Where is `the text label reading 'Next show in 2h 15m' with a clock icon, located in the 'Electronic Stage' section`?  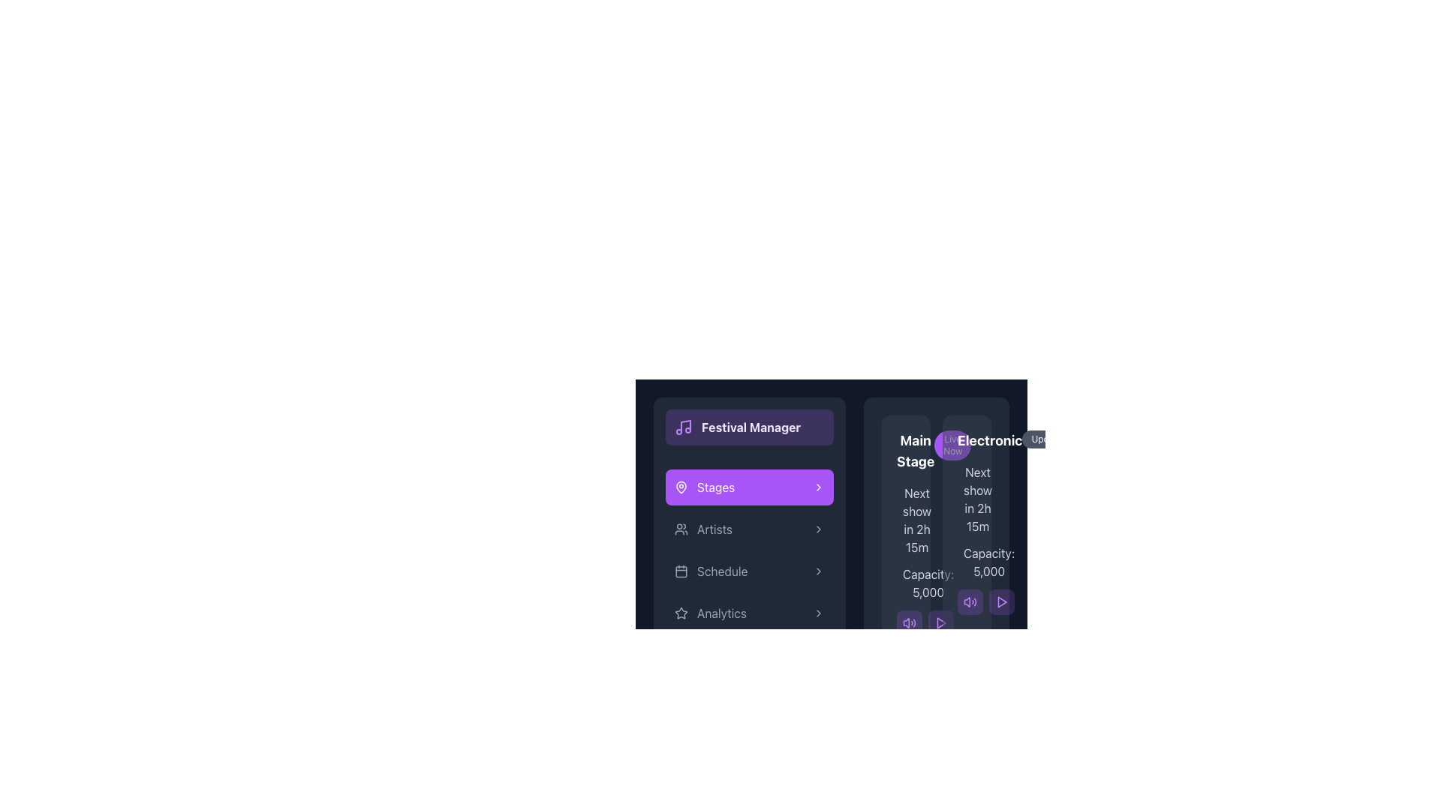
the text label reading 'Next show in 2h 15m' with a clock icon, located in the 'Electronic Stage' section is located at coordinates (967, 499).